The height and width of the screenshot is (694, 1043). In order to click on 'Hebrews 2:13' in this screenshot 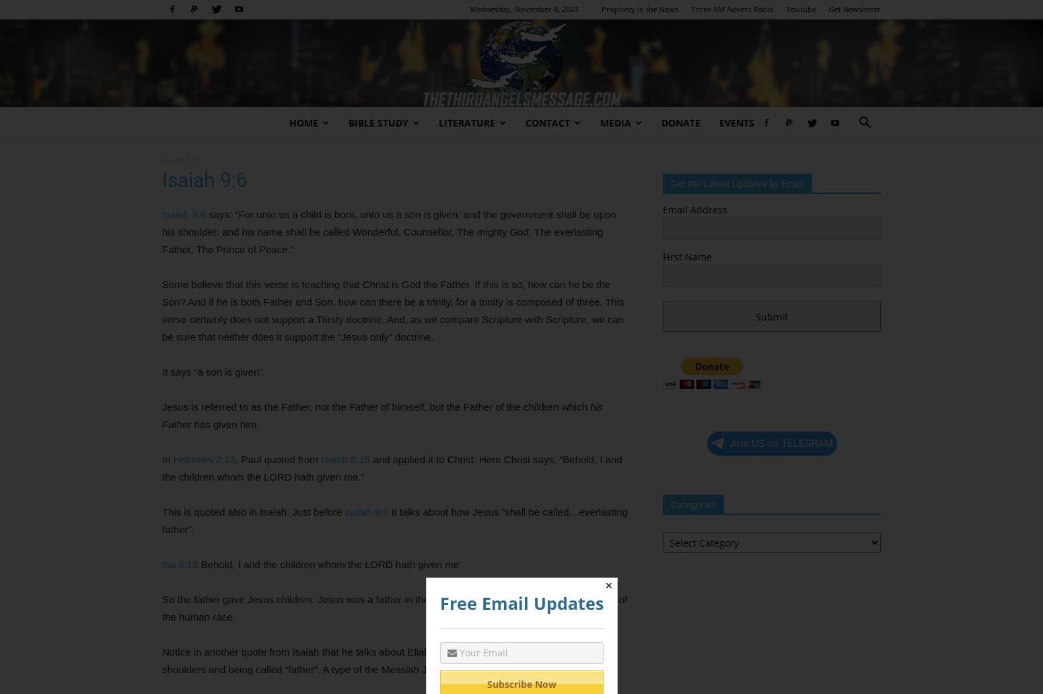, I will do `click(204, 459)`.